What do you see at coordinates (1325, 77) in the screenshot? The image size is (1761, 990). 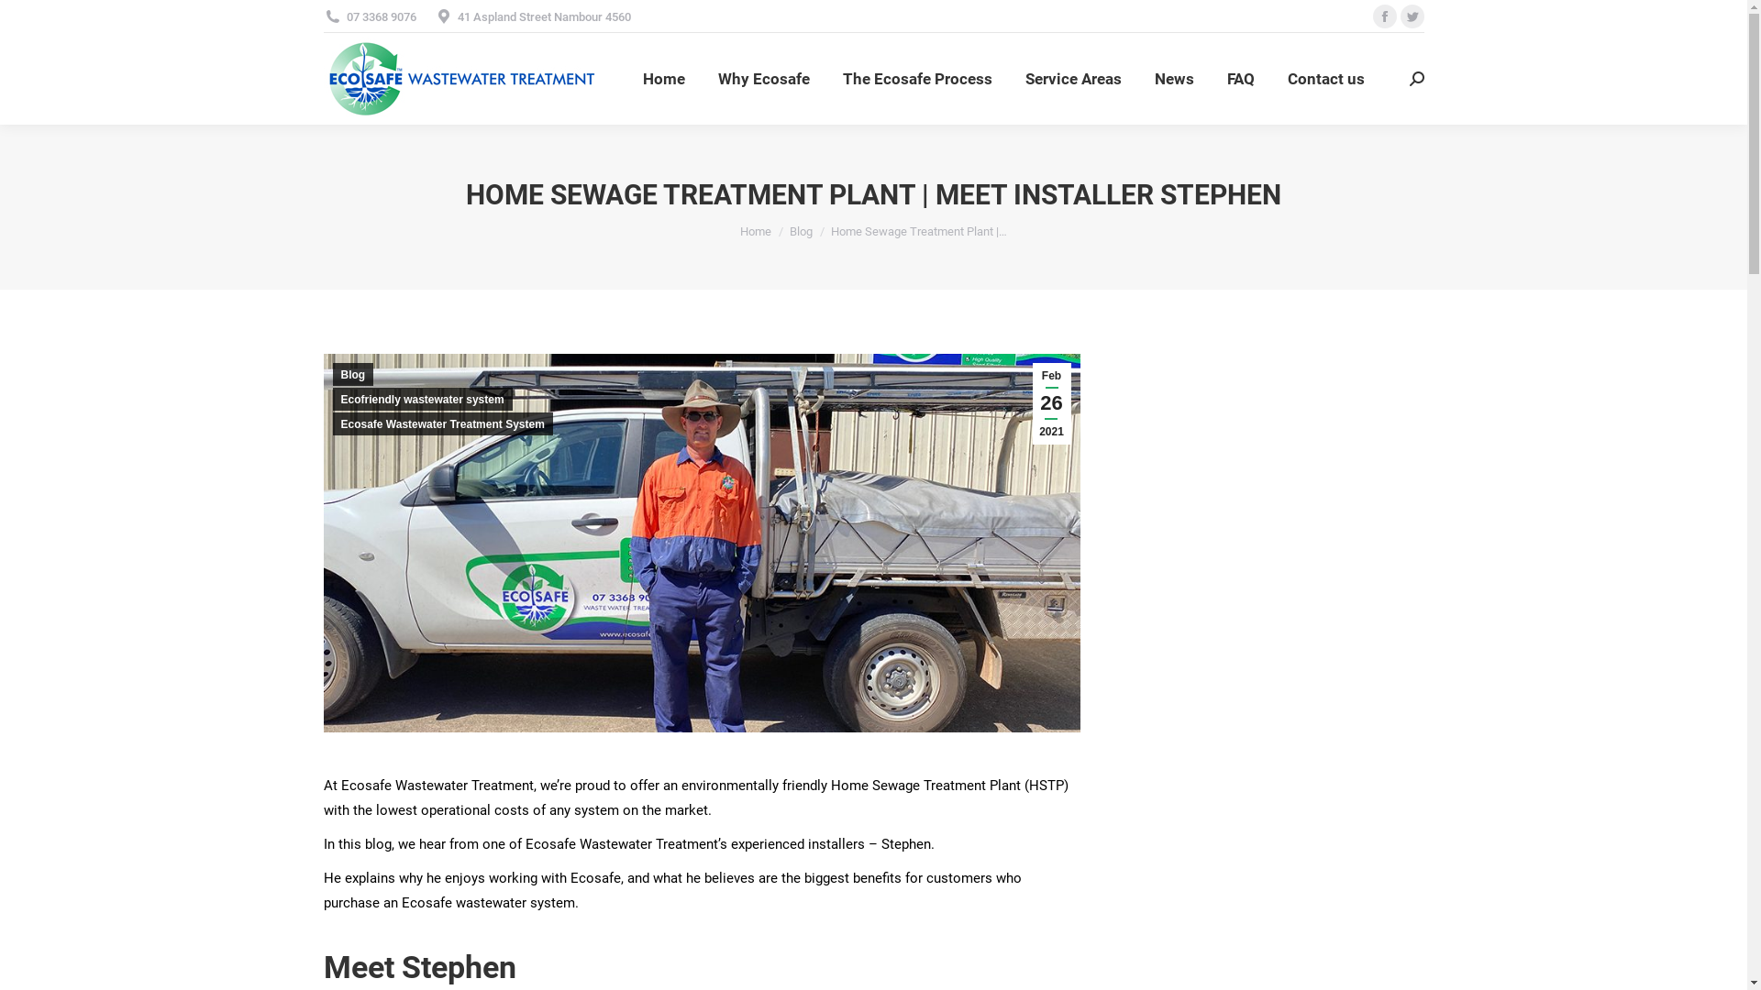 I see `'Contact us'` at bounding box center [1325, 77].